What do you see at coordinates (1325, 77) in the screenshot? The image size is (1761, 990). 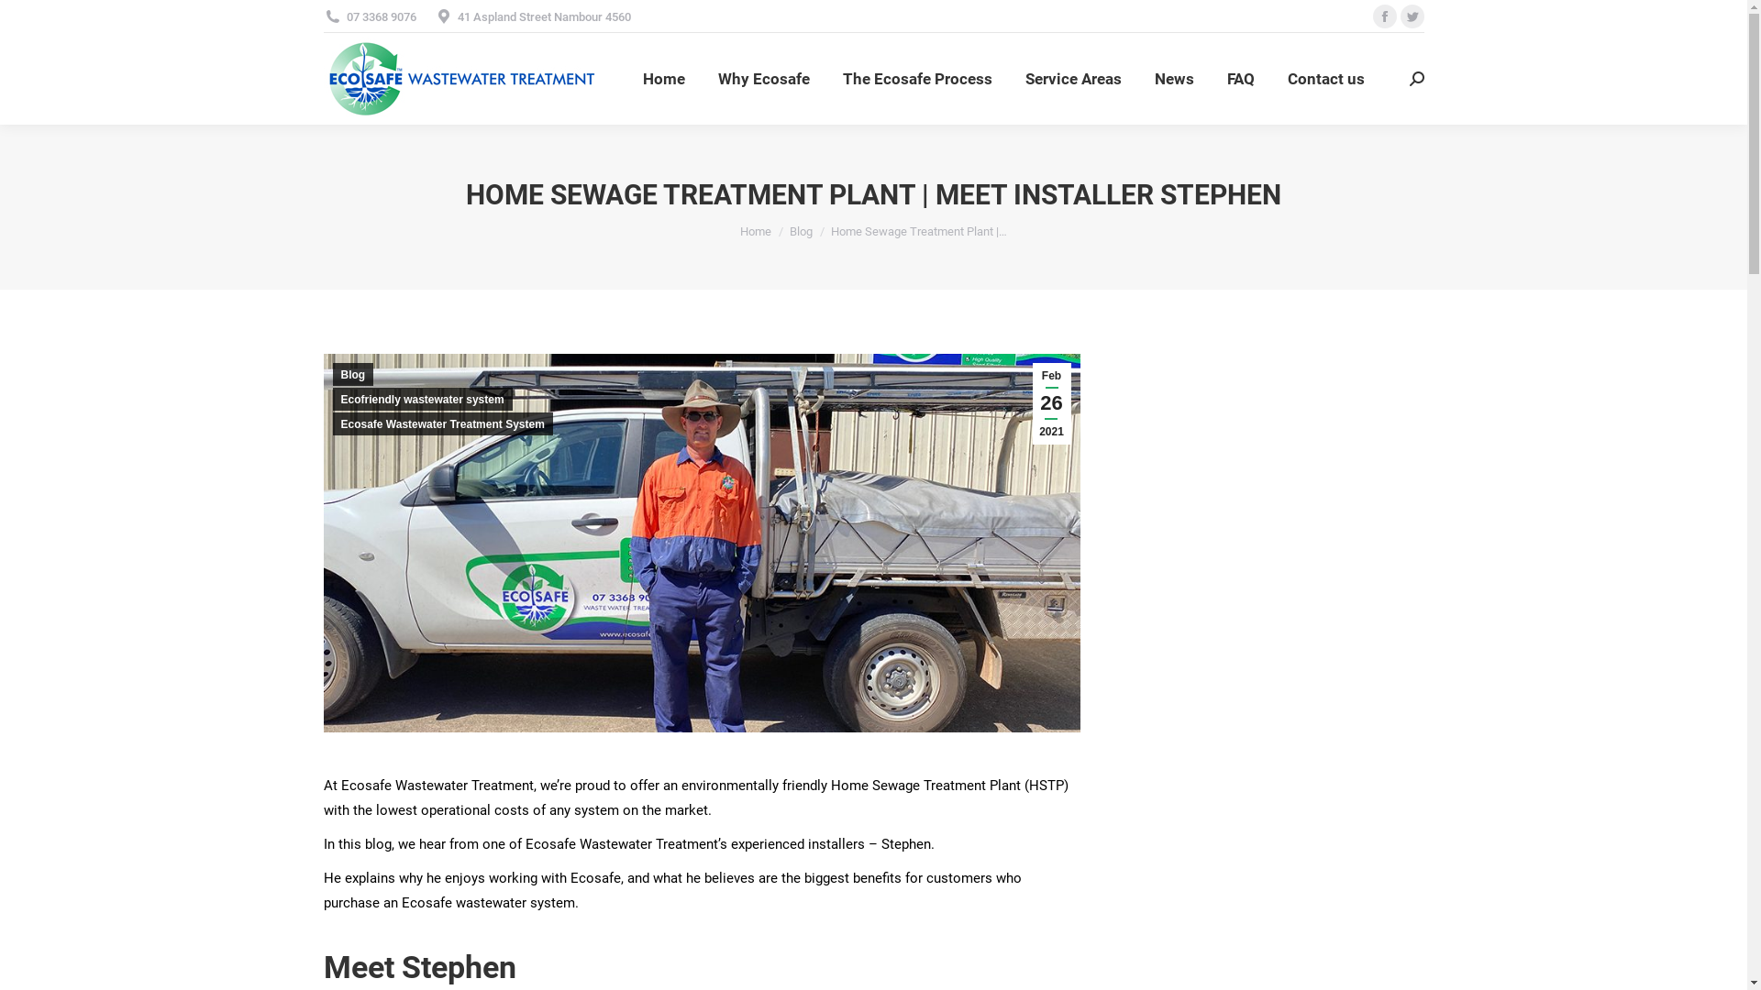 I see `'Contact us'` at bounding box center [1325, 77].